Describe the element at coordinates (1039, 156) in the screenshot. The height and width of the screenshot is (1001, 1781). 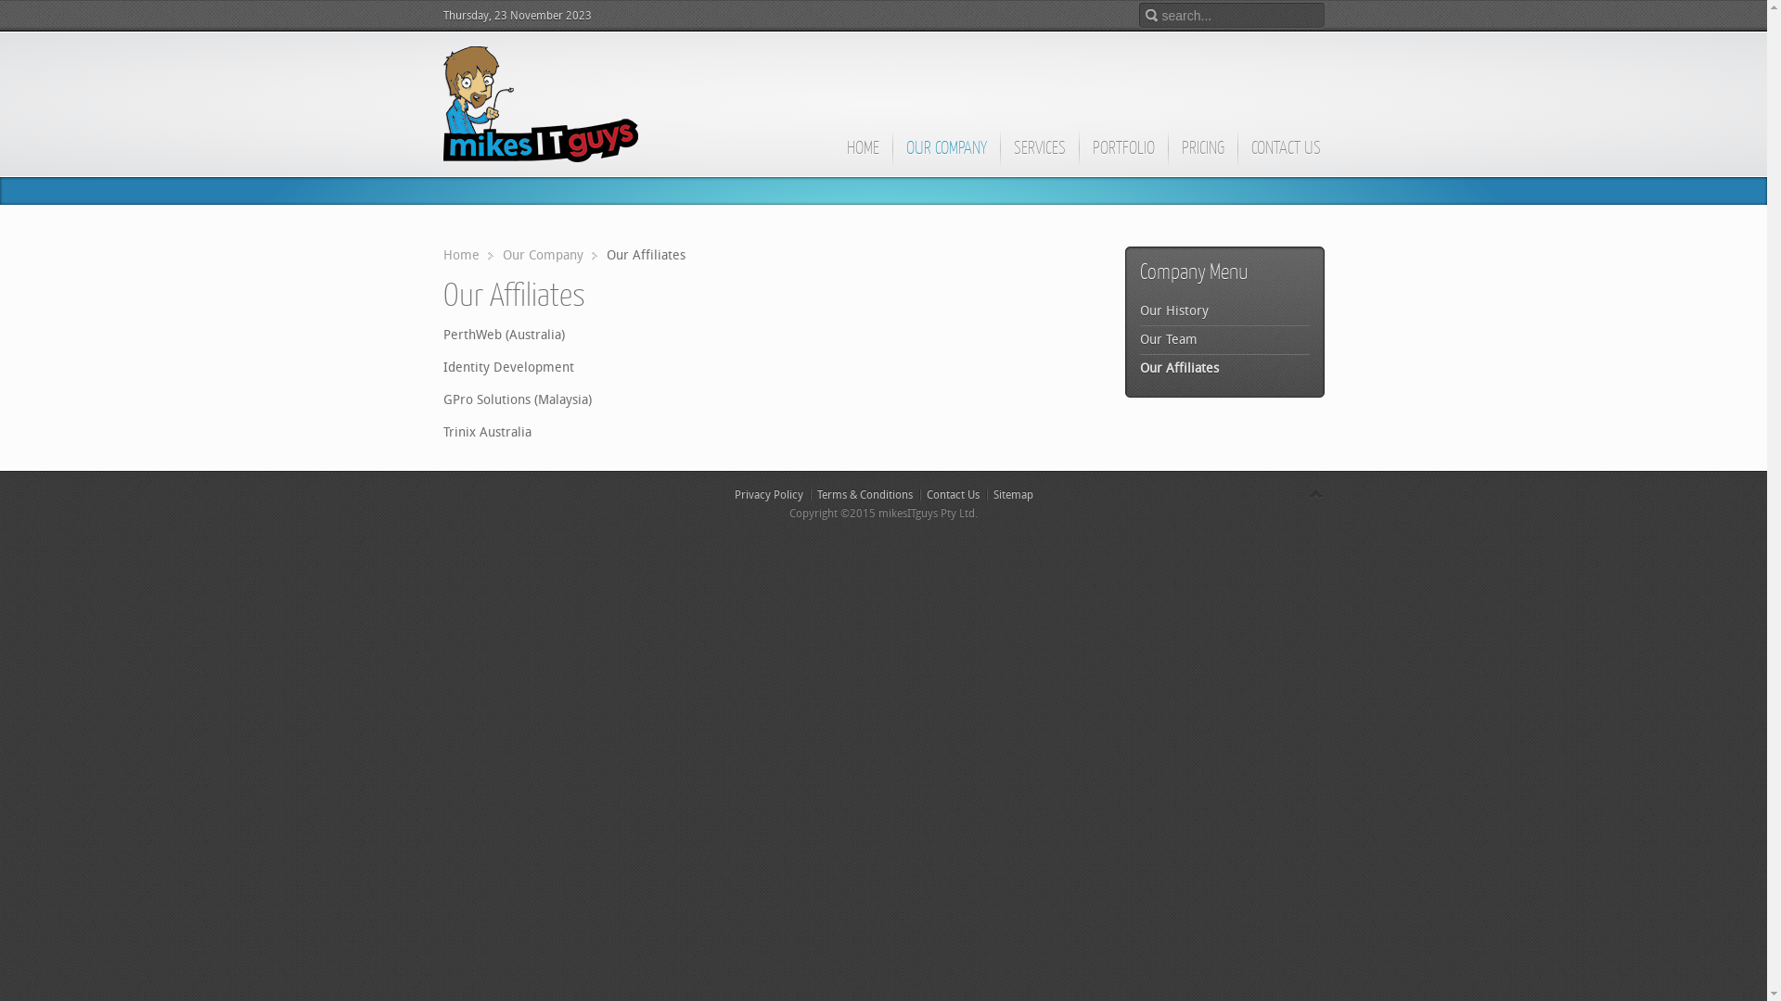
I see `'SERVICES'` at that location.